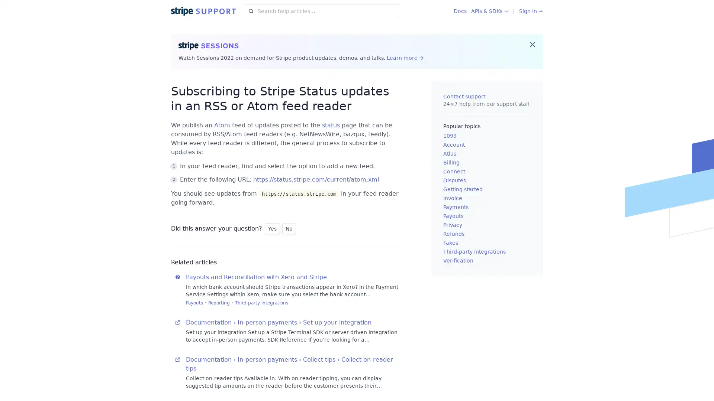  What do you see at coordinates (249, 11) in the screenshot?
I see `Search for` at bounding box center [249, 11].